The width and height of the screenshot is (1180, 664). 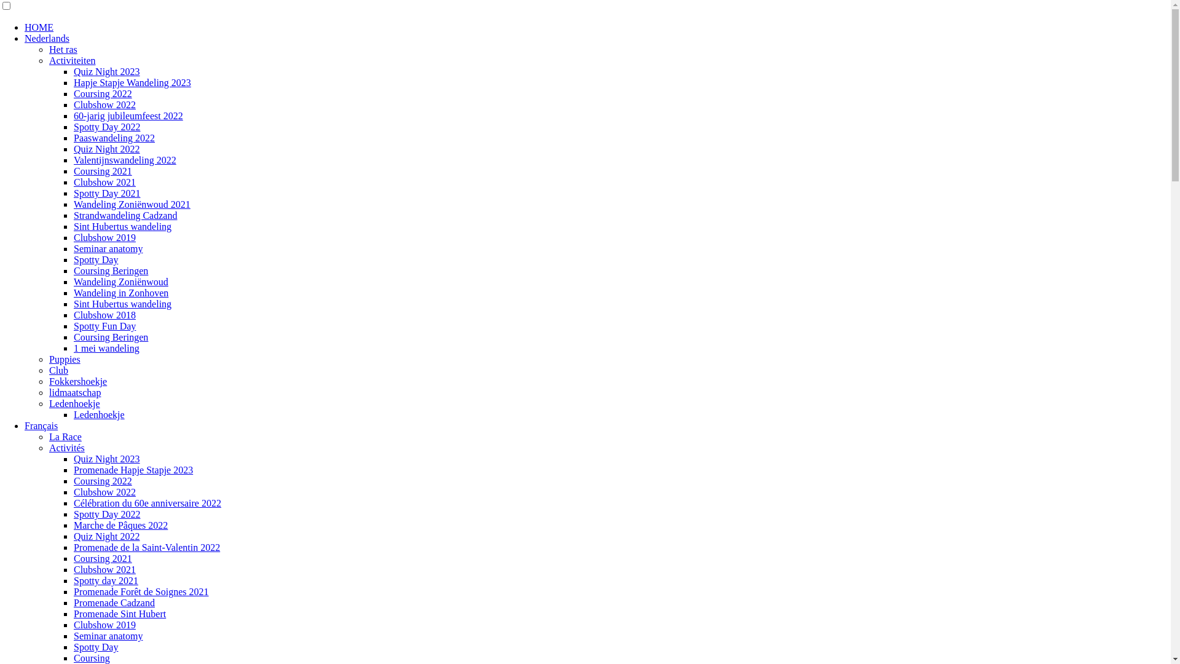 What do you see at coordinates (64, 359) in the screenshot?
I see `'Puppies'` at bounding box center [64, 359].